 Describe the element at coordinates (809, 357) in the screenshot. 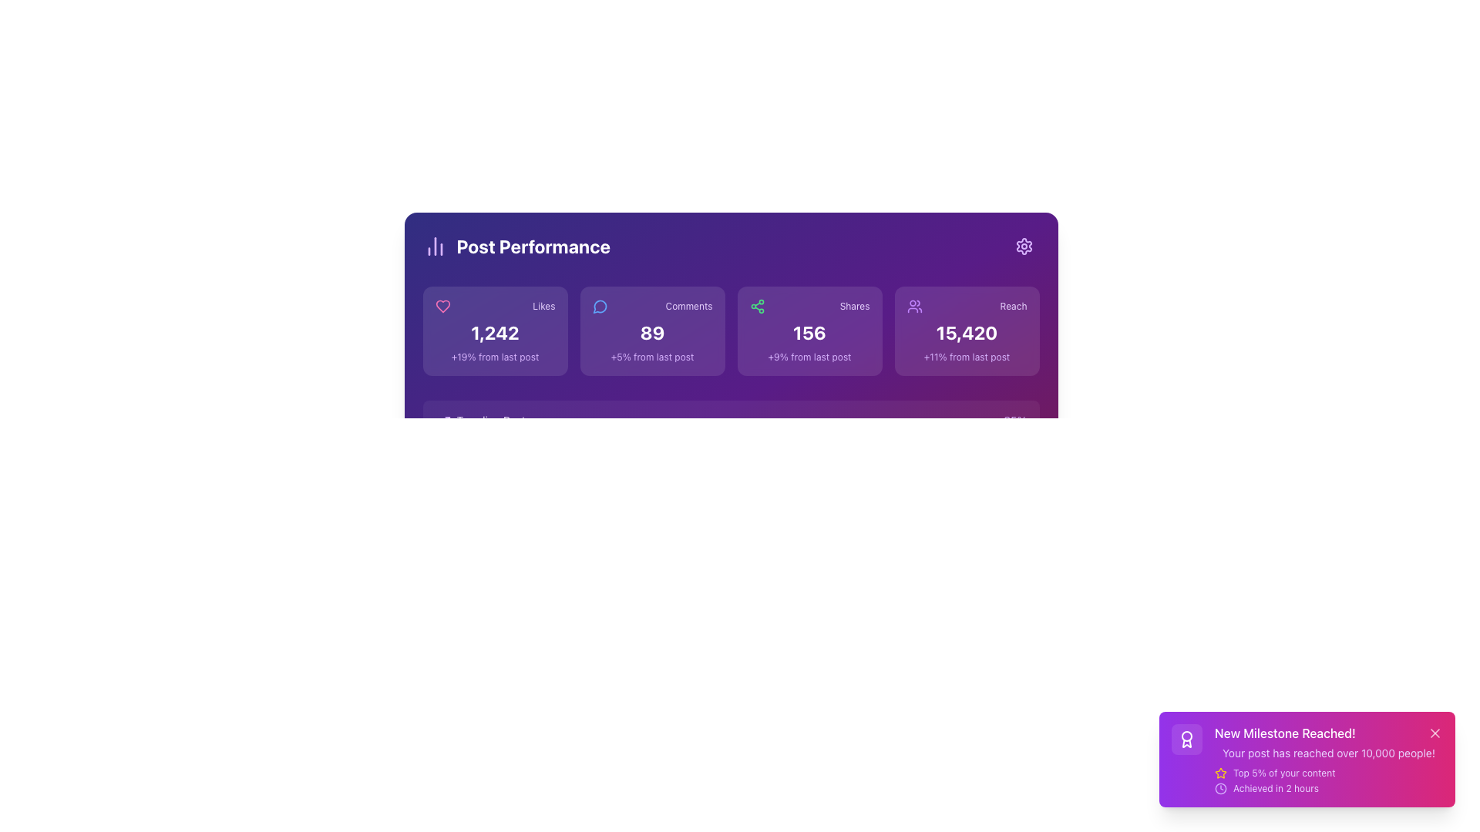

I see `statistic displayed in the text label that shows '+9% from last post', which is styled in light purple and positioned beneath the numerical value '156' in the 'Shares' section` at that location.